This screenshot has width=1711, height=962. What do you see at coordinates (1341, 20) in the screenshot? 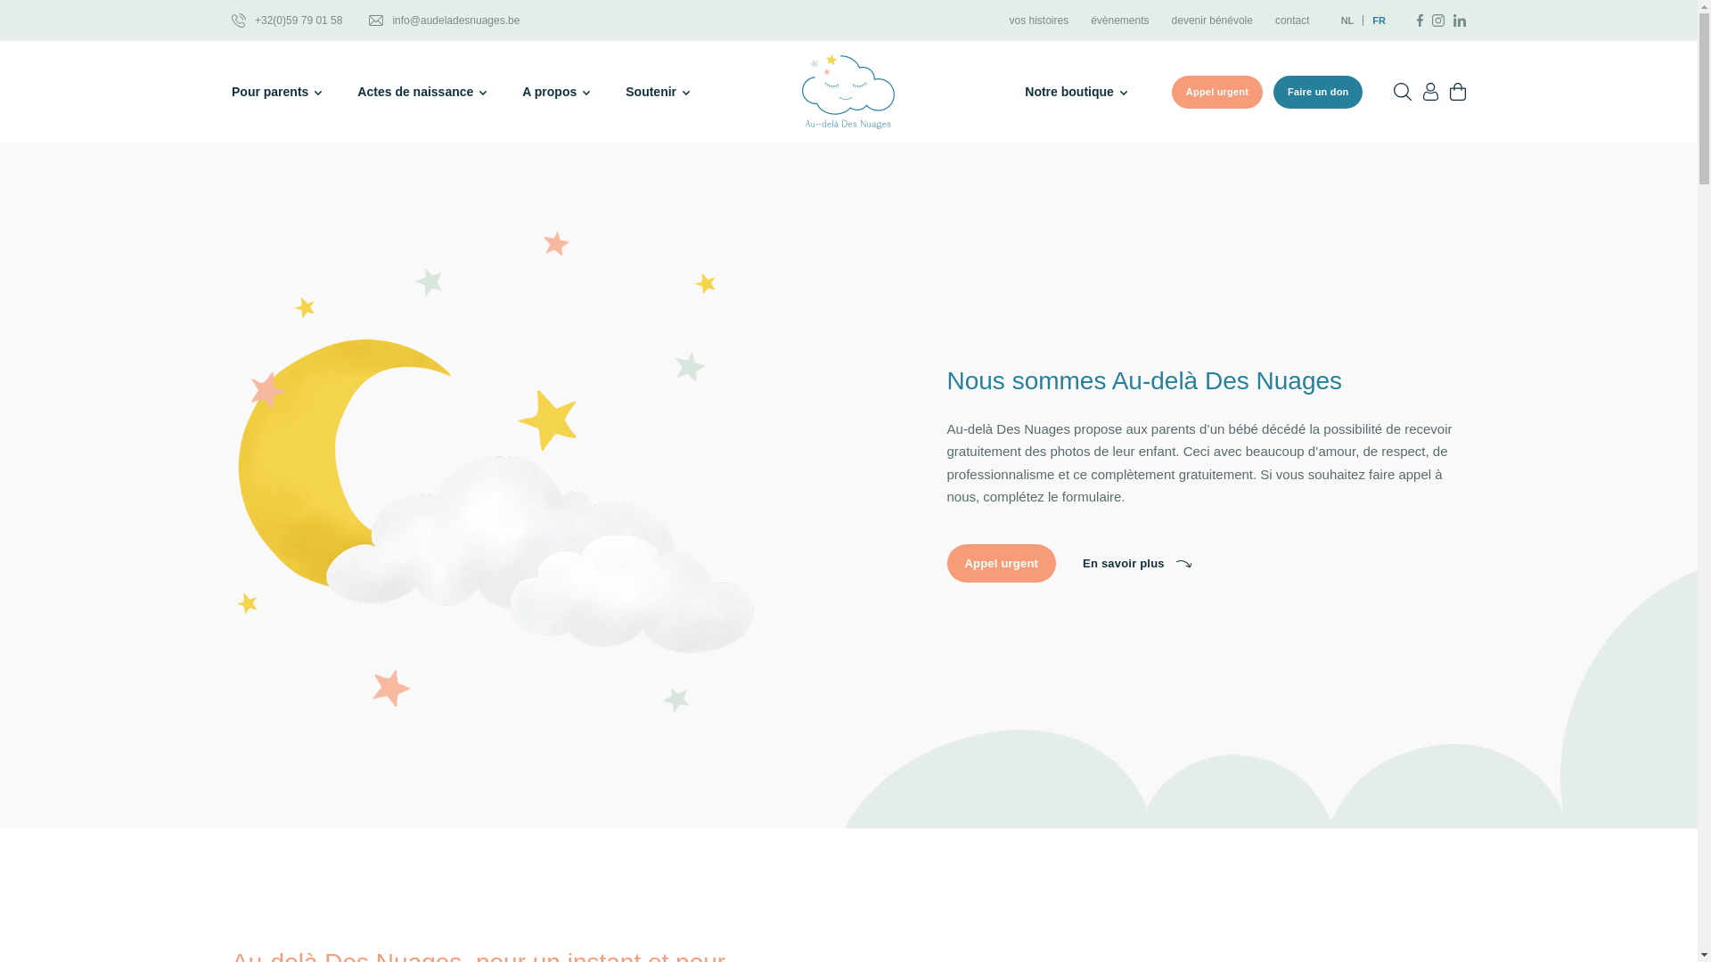
I see `'NL'` at bounding box center [1341, 20].